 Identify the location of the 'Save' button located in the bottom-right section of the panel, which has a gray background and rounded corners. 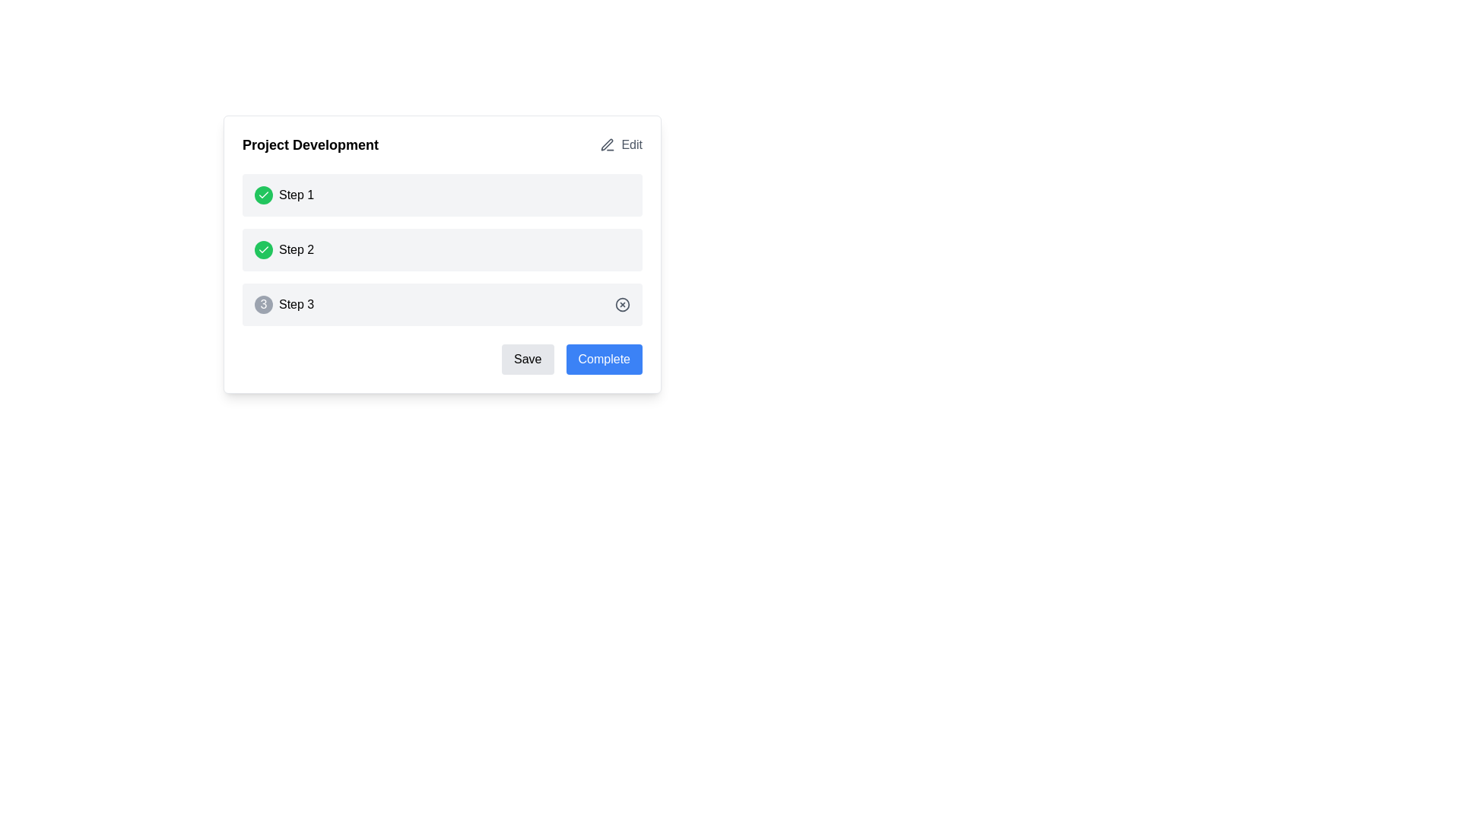
(528, 360).